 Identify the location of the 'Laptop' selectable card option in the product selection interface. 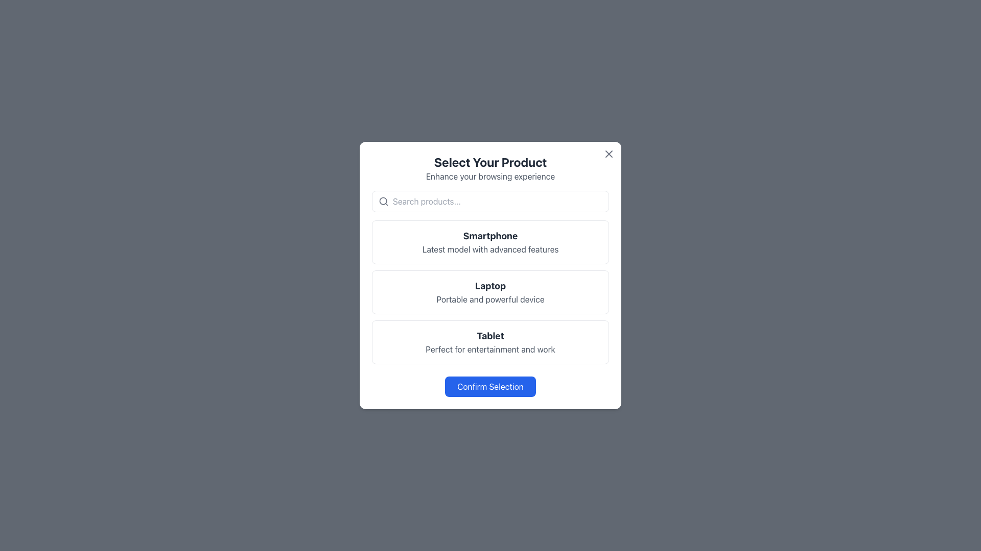
(491, 292).